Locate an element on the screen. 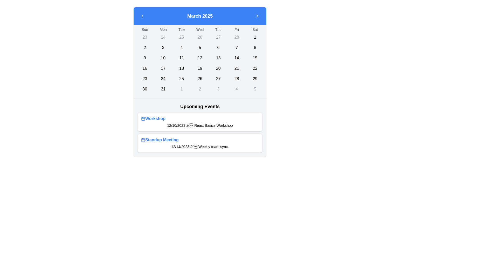  the styling changes of the static text element representing the date '3' in the calendar interface, located in the bottom row under 'Thu' is located at coordinates (218, 89).